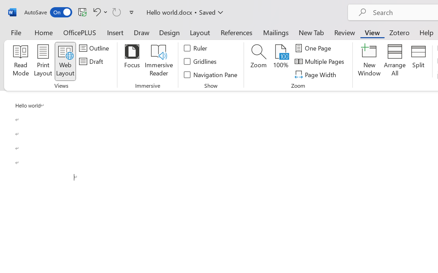 The width and height of the screenshot is (438, 273). Describe the element at coordinates (43, 61) in the screenshot. I see `'Print Layout'` at that location.